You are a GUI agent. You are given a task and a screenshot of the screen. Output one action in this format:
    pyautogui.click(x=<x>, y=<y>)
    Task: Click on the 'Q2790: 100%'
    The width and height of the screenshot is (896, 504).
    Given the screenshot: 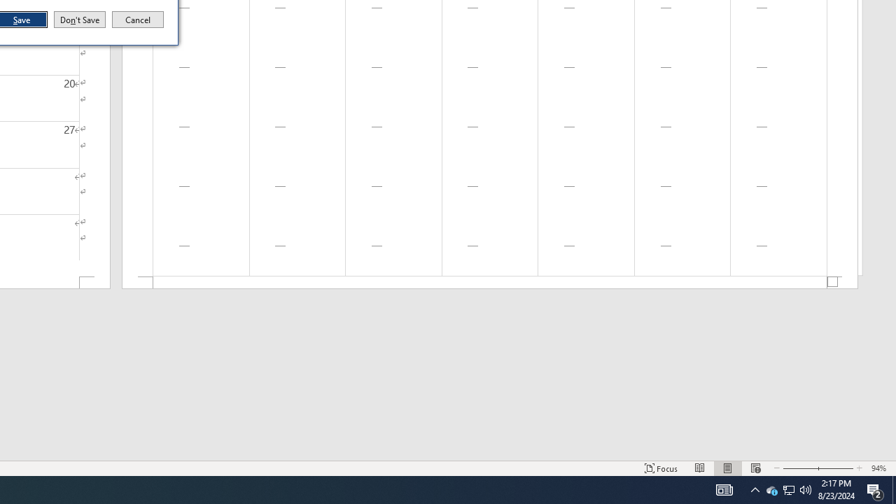 What is the action you would take?
    pyautogui.click(x=806, y=489)
    